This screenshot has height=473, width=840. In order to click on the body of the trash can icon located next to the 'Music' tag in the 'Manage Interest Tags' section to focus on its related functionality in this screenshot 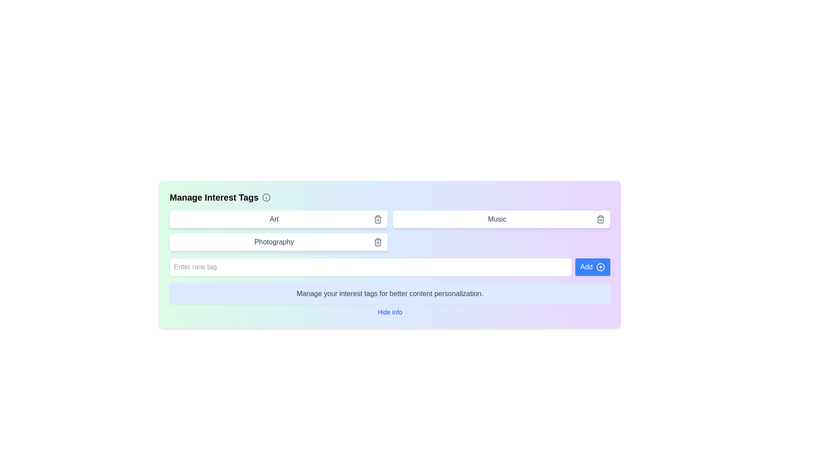, I will do `click(600, 219)`.